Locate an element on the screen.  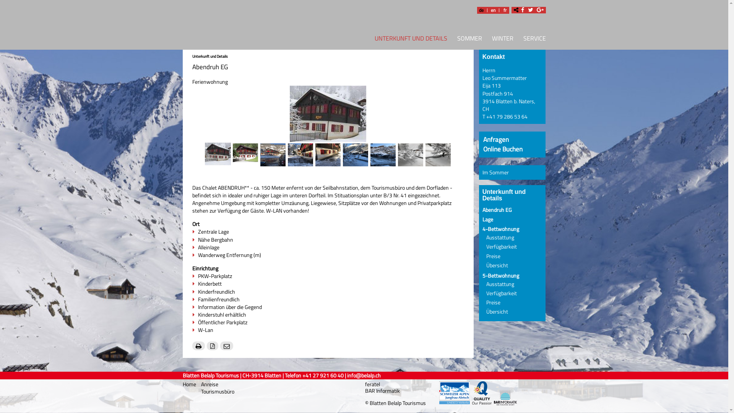
'4-Bettwohnung' is located at coordinates (501, 228).